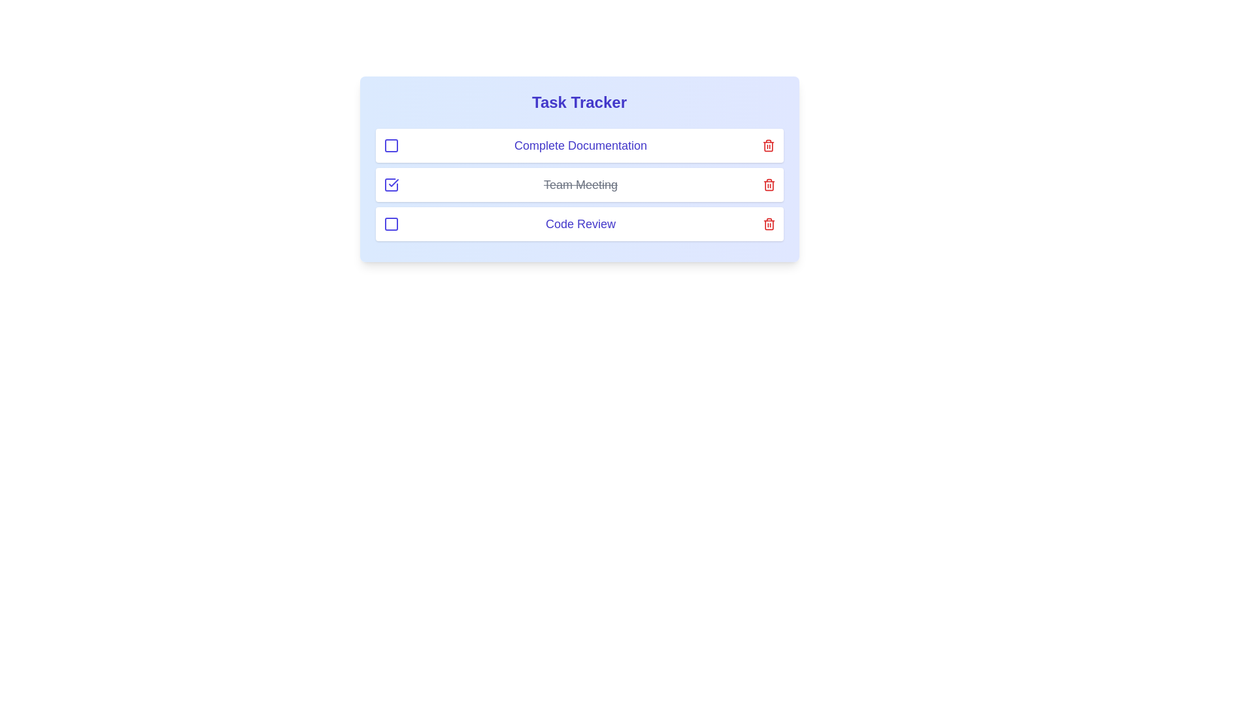 This screenshot has height=706, width=1255. I want to click on the first checkbox in the task tracking panel, so click(390, 146).